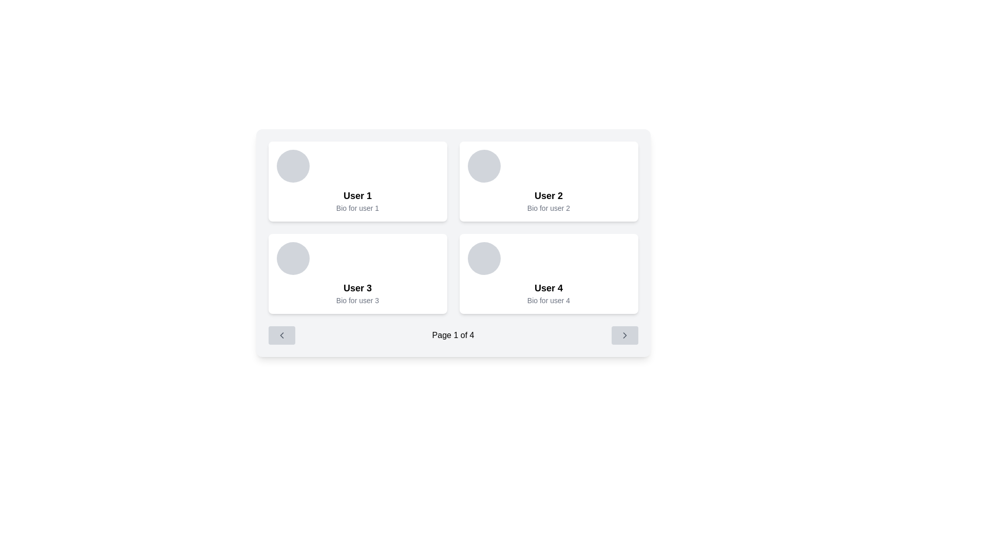  I want to click on the right pagination icon located in the horizontal pagination control panel at the bottom of the interface to advance to the next page, so click(624, 335).